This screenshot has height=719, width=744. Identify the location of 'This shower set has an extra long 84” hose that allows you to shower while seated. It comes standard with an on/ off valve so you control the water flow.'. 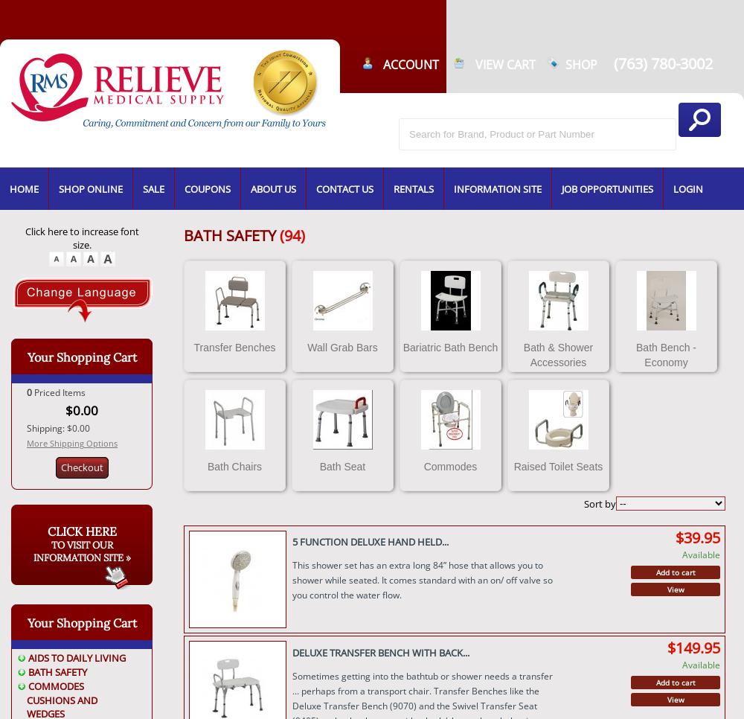
(421, 578).